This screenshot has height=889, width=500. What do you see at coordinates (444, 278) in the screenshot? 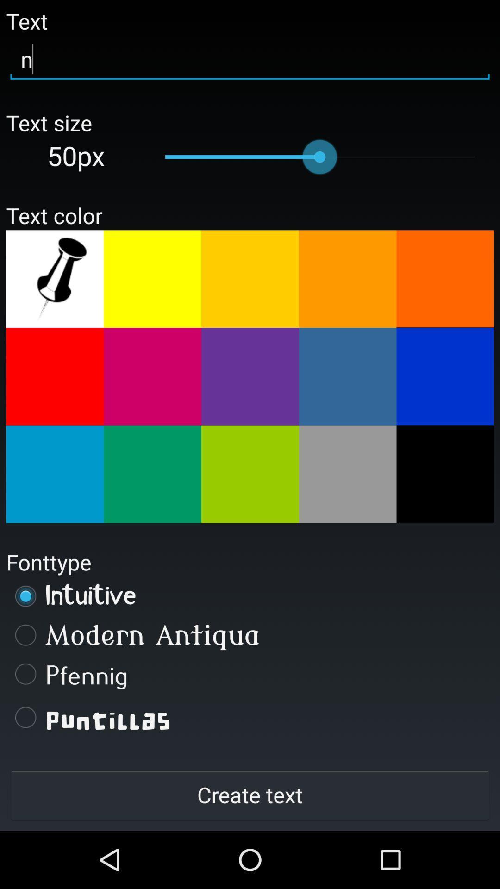
I see `dark orange` at bounding box center [444, 278].